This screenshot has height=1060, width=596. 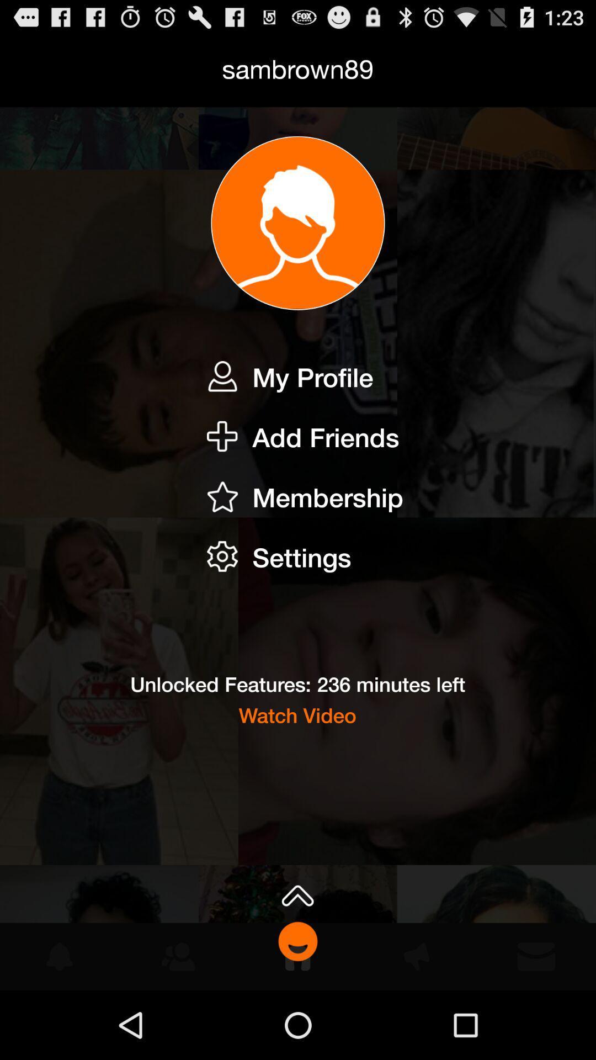 What do you see at coordinates (298, 222) in the screenshot?
I see `set your profile photo` at bounding box center [298, 222].